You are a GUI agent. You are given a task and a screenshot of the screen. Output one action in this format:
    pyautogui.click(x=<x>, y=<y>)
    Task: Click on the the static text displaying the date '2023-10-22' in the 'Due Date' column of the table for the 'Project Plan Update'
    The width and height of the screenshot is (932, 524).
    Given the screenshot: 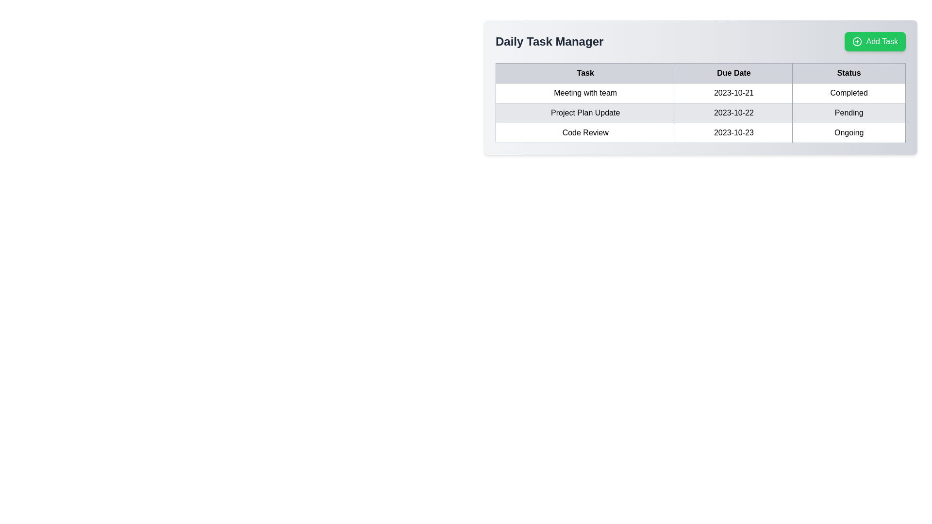 What is the action you would take?
    pyautogui.click(x=733, y=112)
    